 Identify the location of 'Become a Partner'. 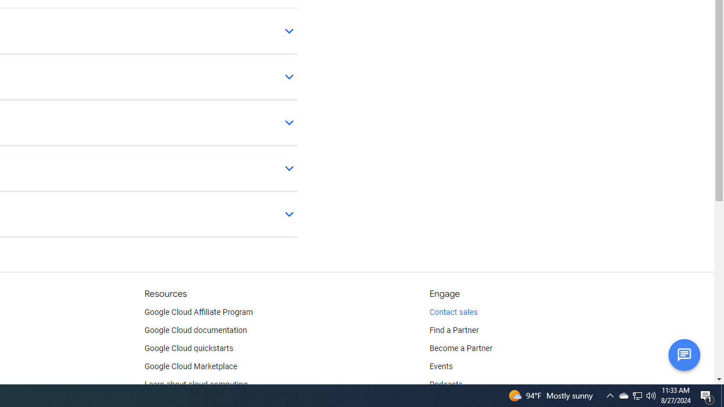
(460, 348).